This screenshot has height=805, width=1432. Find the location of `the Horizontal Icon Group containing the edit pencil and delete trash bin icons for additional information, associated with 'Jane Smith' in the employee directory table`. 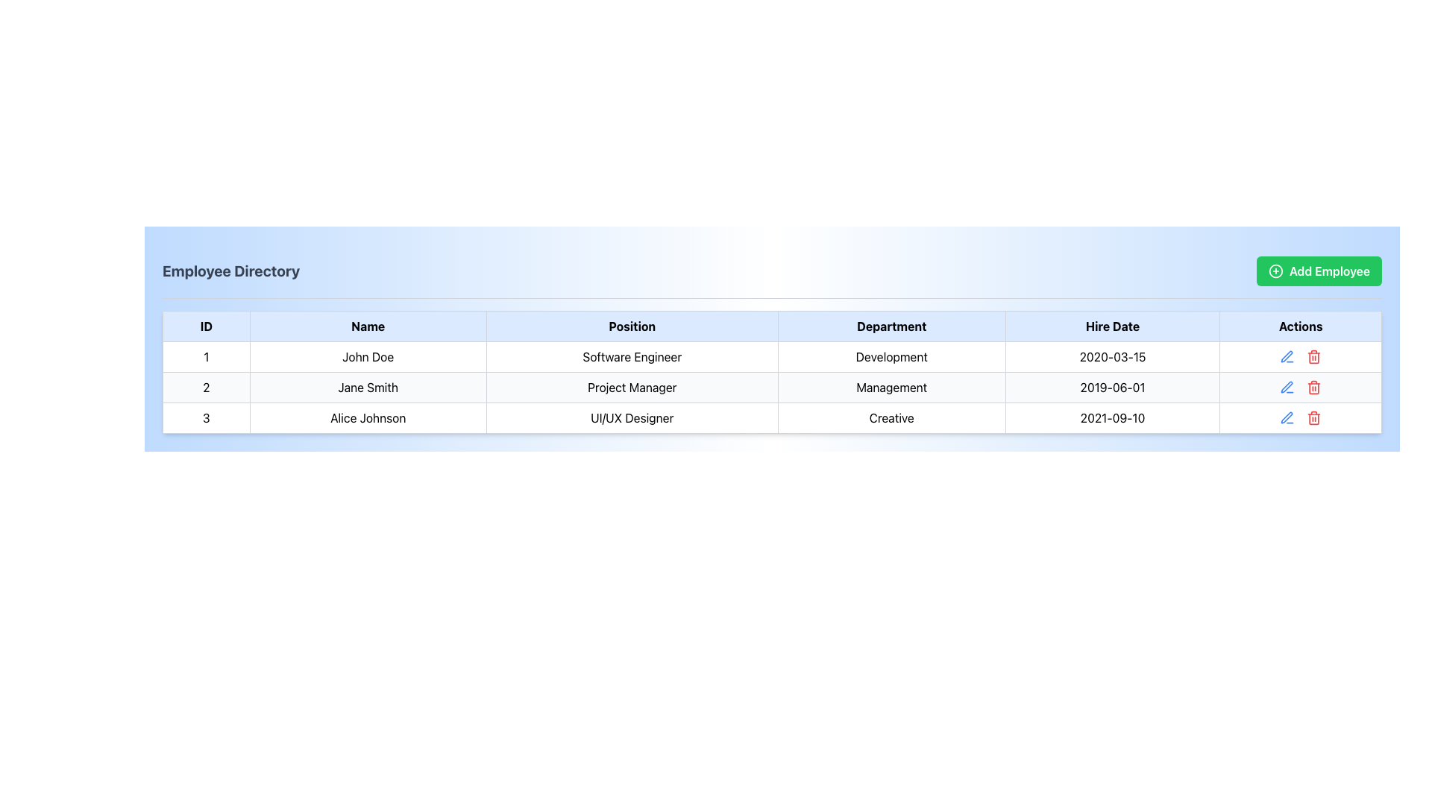

the Horizontal Icon Group containing the edit pencil and delete trash bin icons for additional information, associated with 'Jane Smith' in the employee directory table is located at coordinates (1300, 387).